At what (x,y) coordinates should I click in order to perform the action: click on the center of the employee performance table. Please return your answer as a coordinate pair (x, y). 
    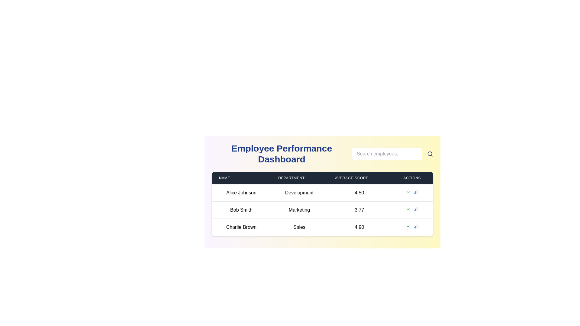
    Looking at the image, I should click on (322, 204).